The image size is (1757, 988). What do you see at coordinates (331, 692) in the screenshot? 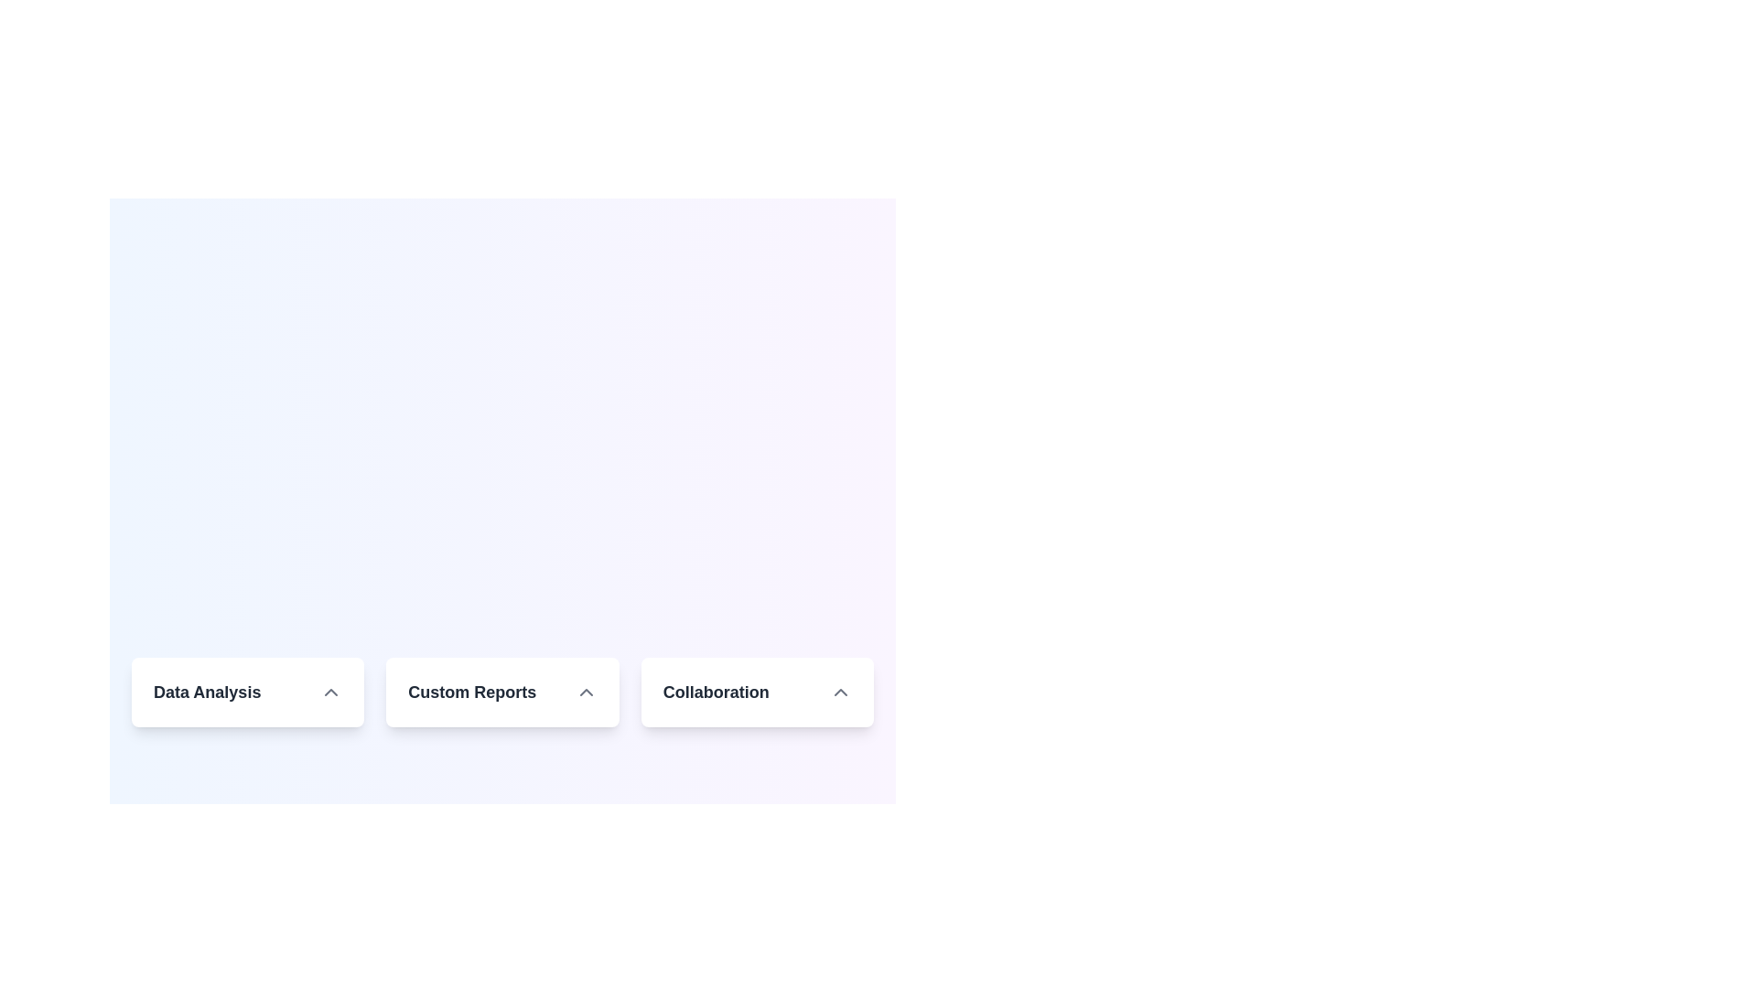
I see `the toggle icon located at the right end of the 'Data Analysis' section` at bounding box center [331, 692].